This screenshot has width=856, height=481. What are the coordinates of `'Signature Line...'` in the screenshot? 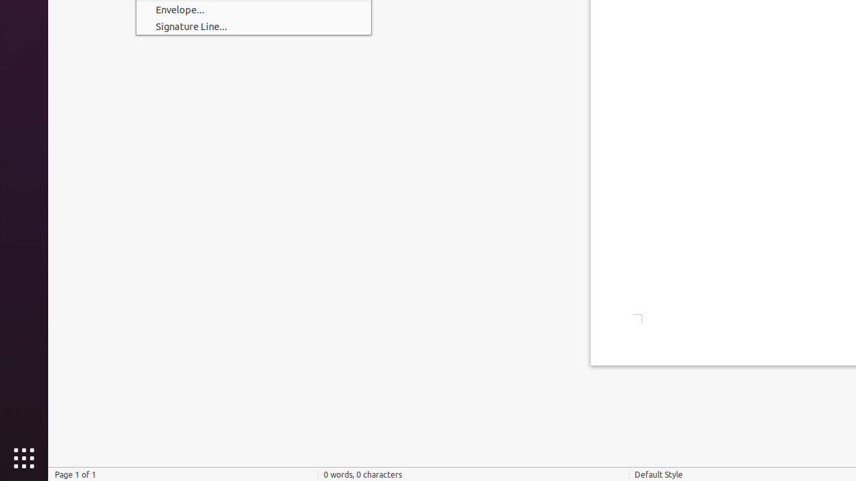 It's located at (253, 26).